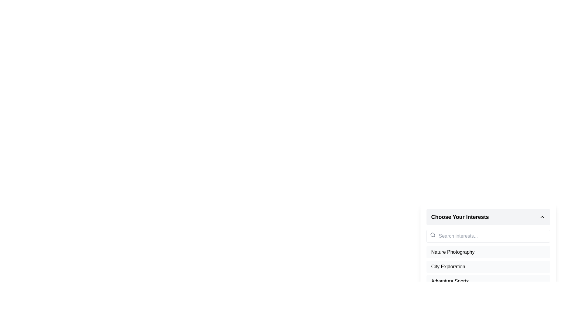  Describe the element at coordinates (488, 256) in the screenshot. I see `the list item labeled 'Nature Photography', which is the first option in the dropdown panel under 'Choose Your Interests'` at that location.